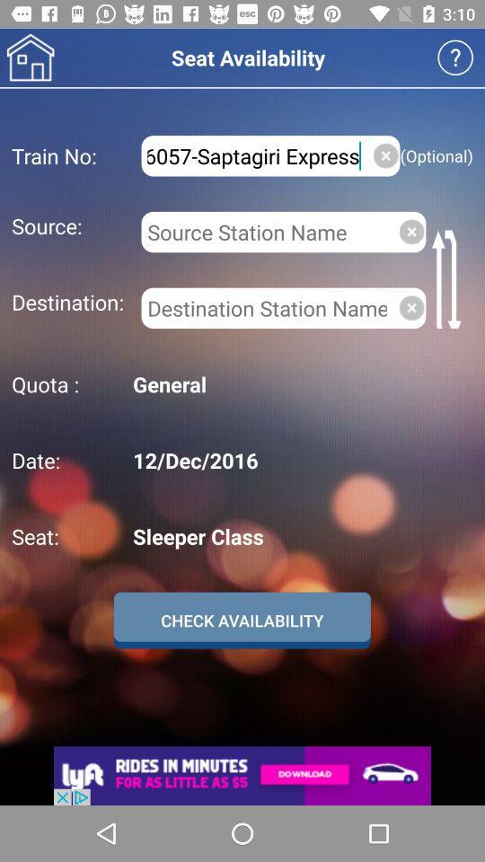 This screenshot has width=485, height=862. I want to click on the close icon, so click(384, 154).